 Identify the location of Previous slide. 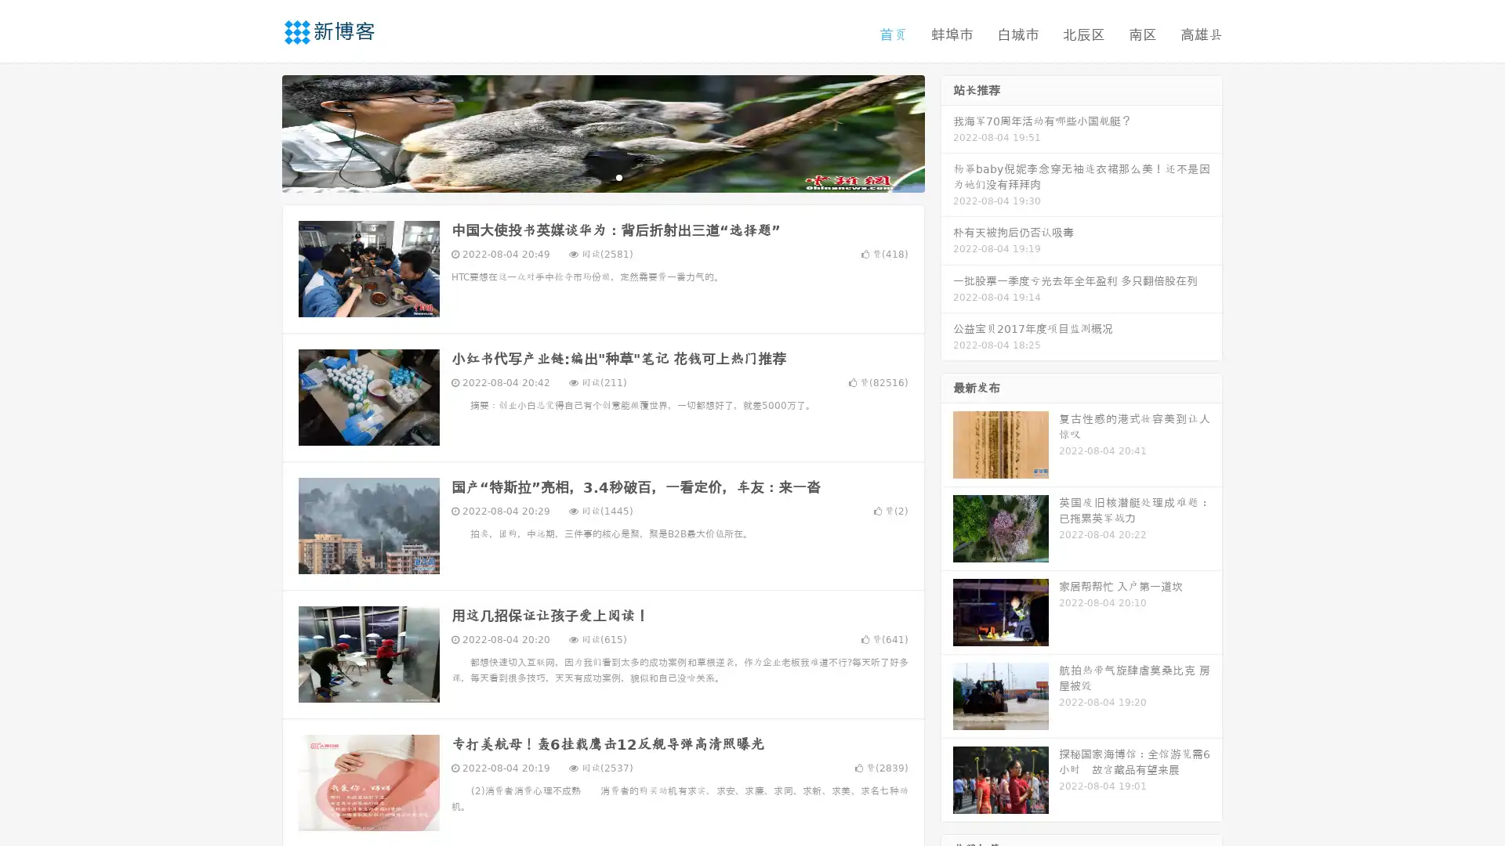
(259, 132).